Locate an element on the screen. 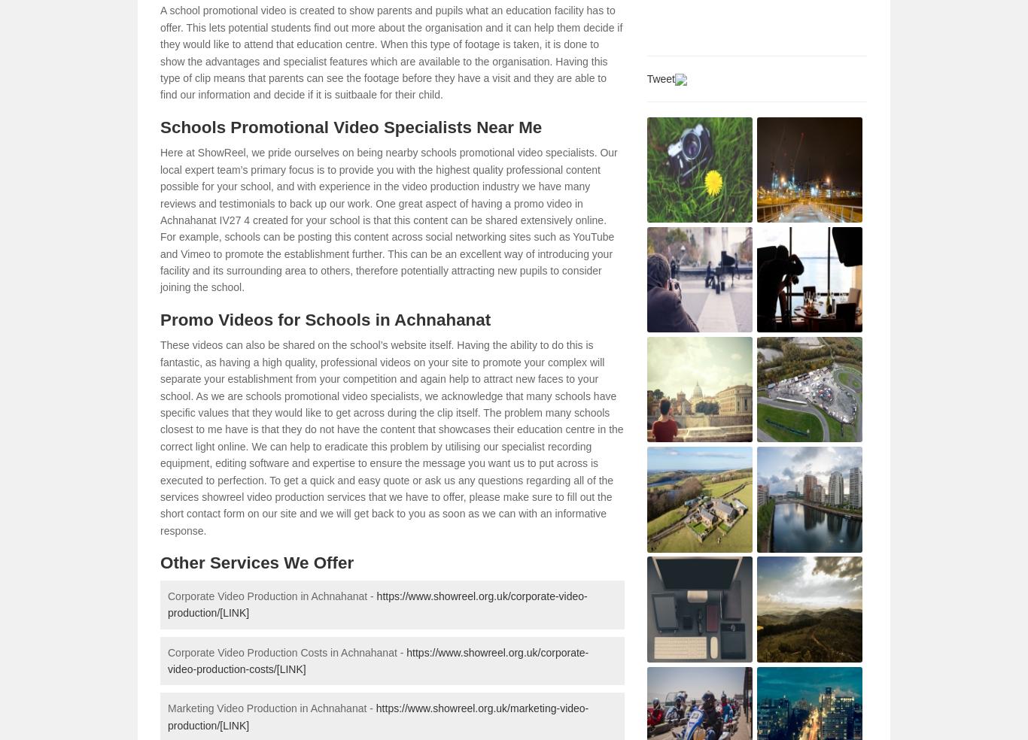 The image size is (1028, 740). 'The promotional videos we create for schools can include aerial shots of sports pitches, interviews with students and teachers and a range of different shots with special effects.' is located at coordinates (167, 31).